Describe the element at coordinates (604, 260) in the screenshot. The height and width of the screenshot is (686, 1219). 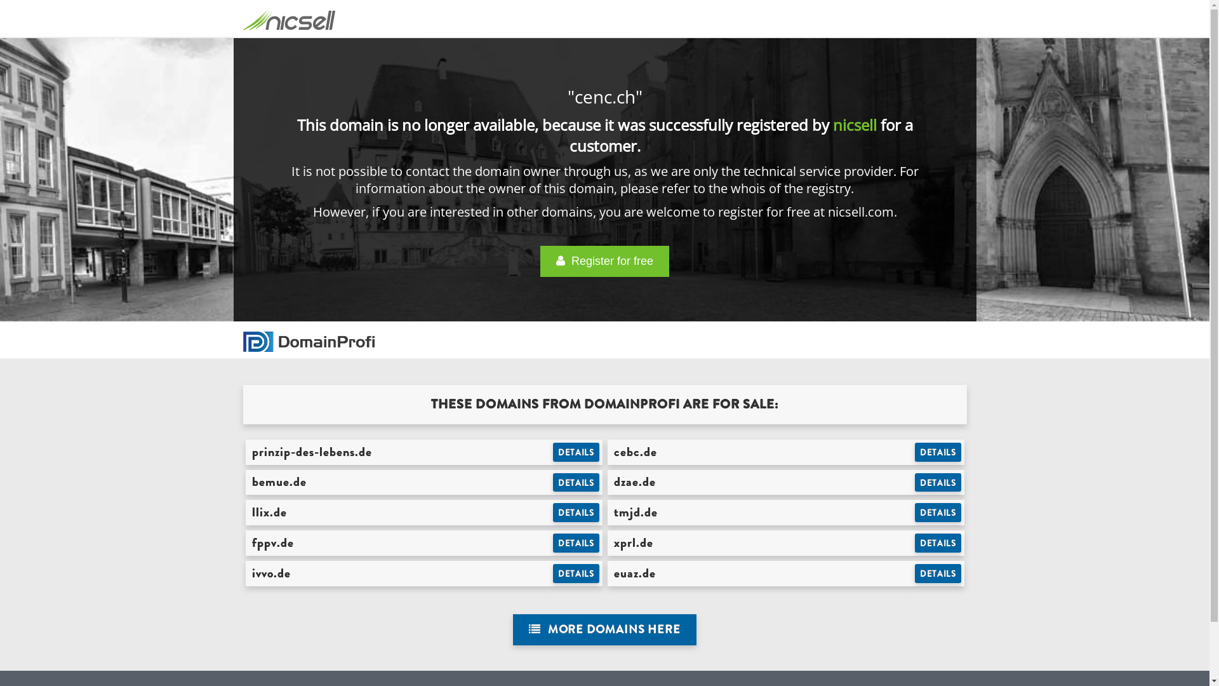
I see `'  Register for free'` at that location.